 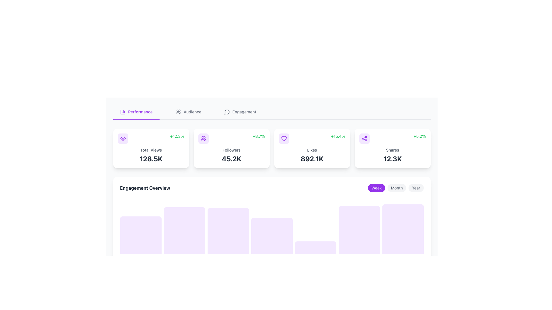 I want to click on the heart-shaped purple icon embedded in the 'Likes' card, which is the third card in a row of four summary cards displaying engagement metrics, so click(x=284, y=138).